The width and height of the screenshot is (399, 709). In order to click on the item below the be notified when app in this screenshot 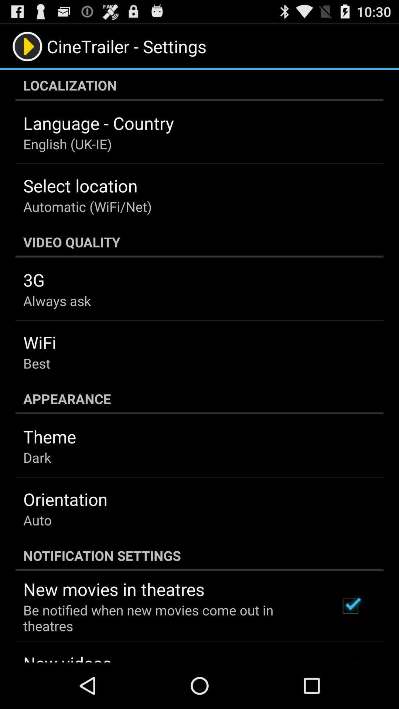, I will do `click(67, 657)`.